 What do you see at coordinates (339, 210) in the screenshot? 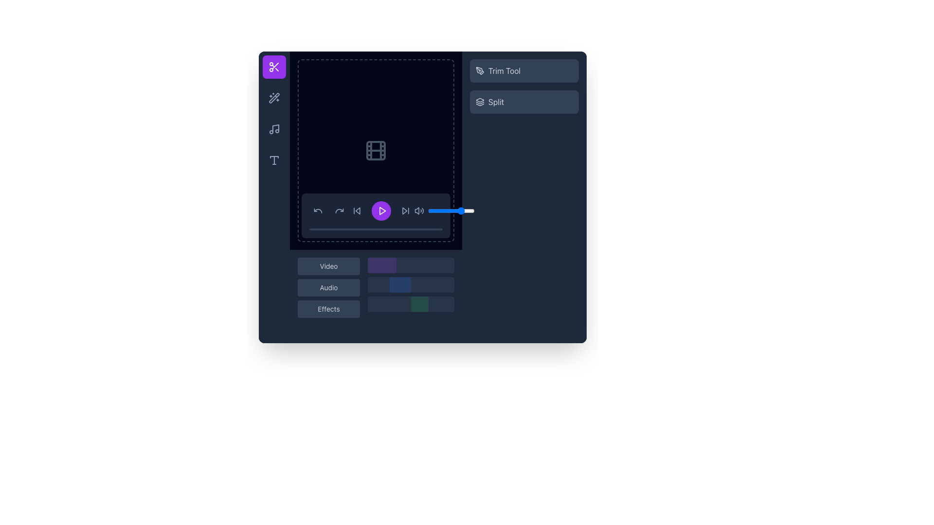
I see `the lower part of the redo or reload icon located in the center of the toolbar with playback controls` at bounding box center [339, 210].